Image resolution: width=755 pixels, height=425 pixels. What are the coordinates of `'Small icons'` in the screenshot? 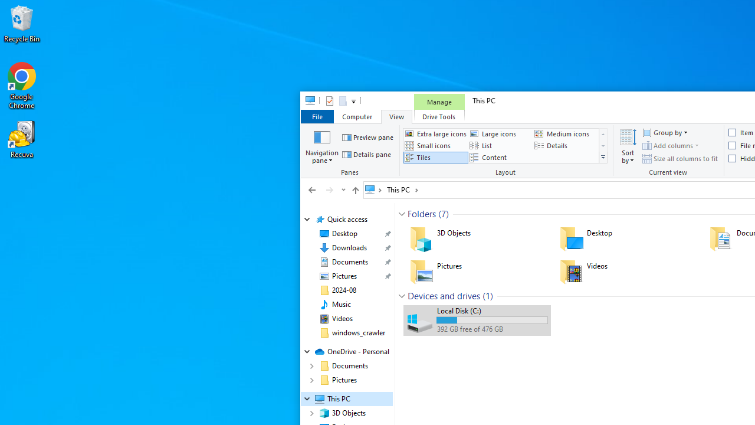 It's located at (435, 145).